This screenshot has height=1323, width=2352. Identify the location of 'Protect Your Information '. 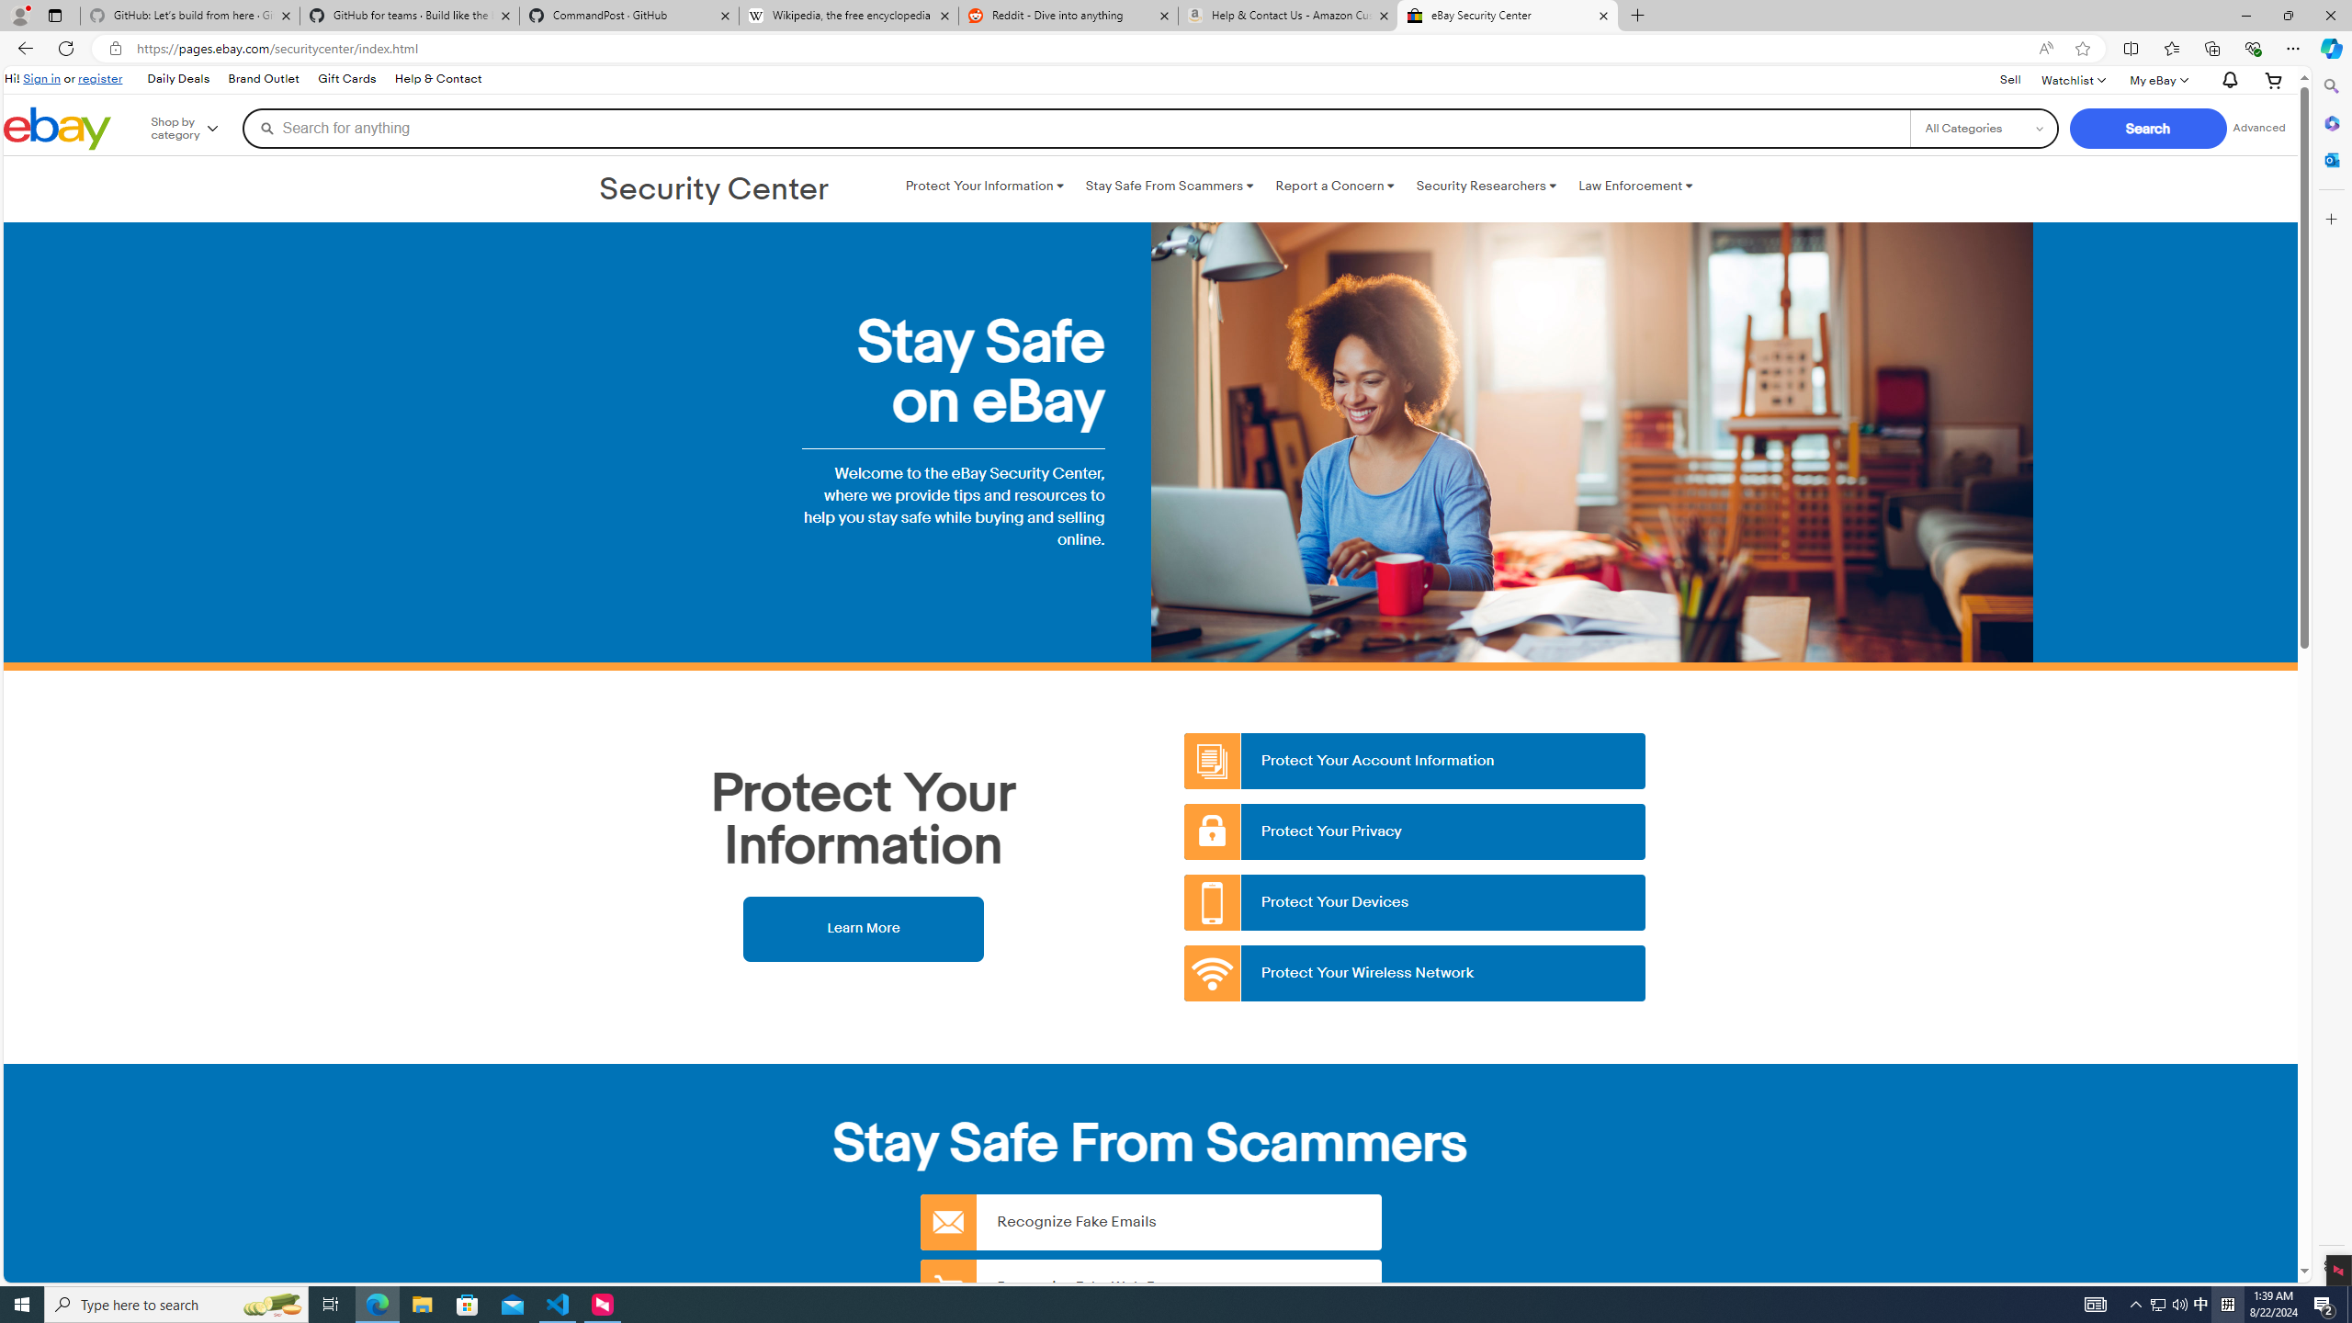
(984, 186).